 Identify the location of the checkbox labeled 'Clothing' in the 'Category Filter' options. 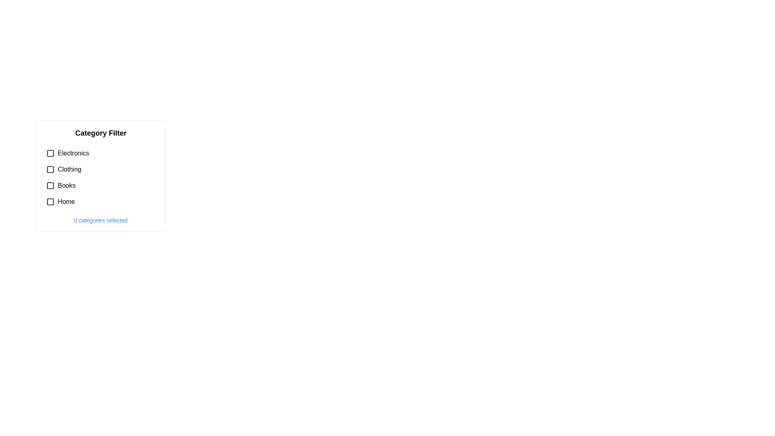
(100, 169).